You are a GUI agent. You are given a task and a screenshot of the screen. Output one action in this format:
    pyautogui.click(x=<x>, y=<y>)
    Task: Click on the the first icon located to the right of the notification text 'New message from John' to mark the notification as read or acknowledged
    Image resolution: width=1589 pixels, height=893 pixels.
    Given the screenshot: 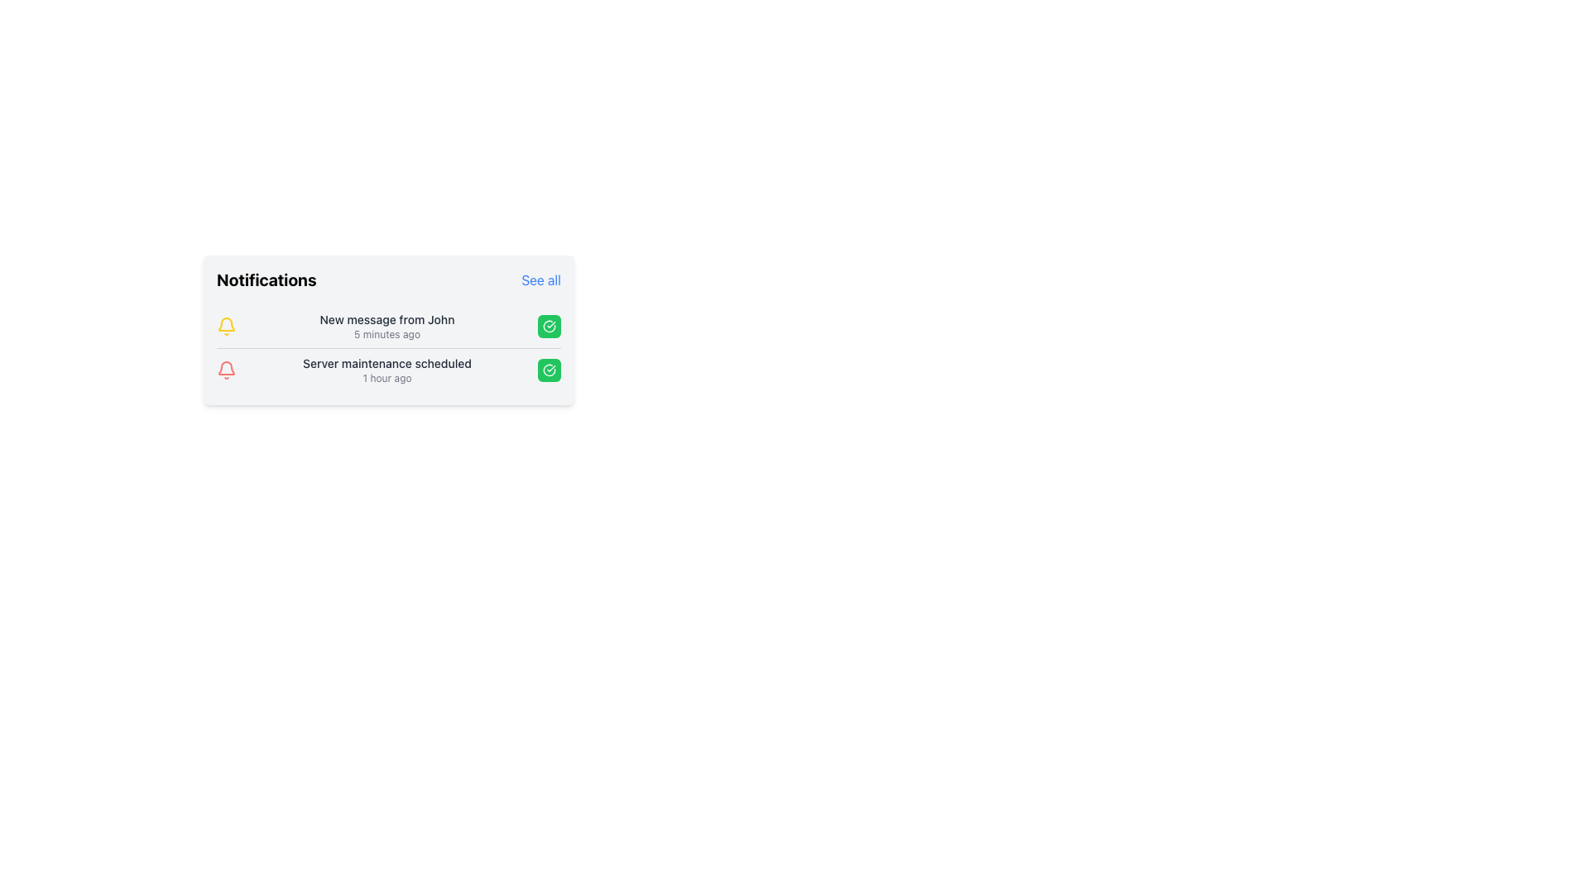 What is the action you would take?
    pyautogui.click(x=549, y=369)
    